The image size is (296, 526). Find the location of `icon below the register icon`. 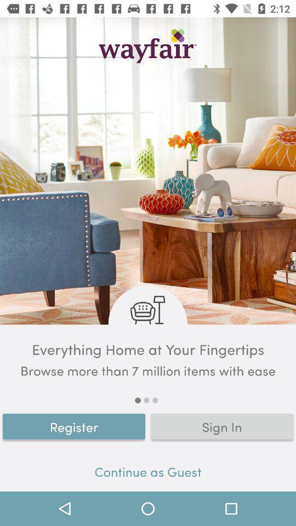

icon below the register icon is located at coordinates (148, 473).